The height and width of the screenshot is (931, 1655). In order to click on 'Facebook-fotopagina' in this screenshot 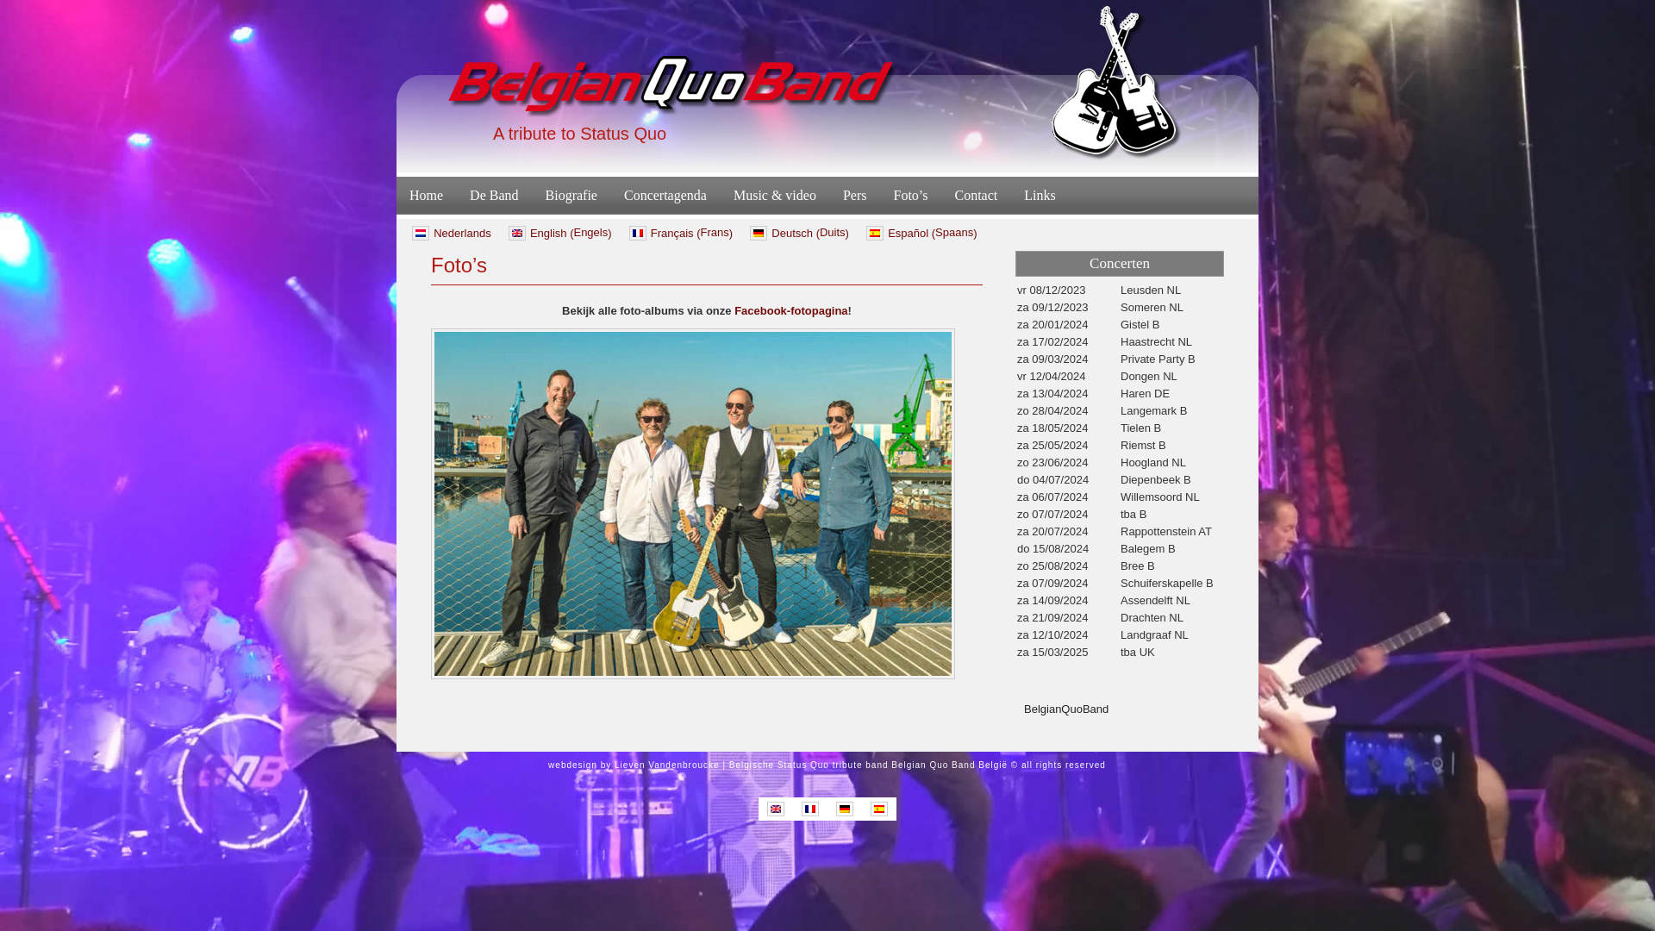, I will do `click(790, 310)`.